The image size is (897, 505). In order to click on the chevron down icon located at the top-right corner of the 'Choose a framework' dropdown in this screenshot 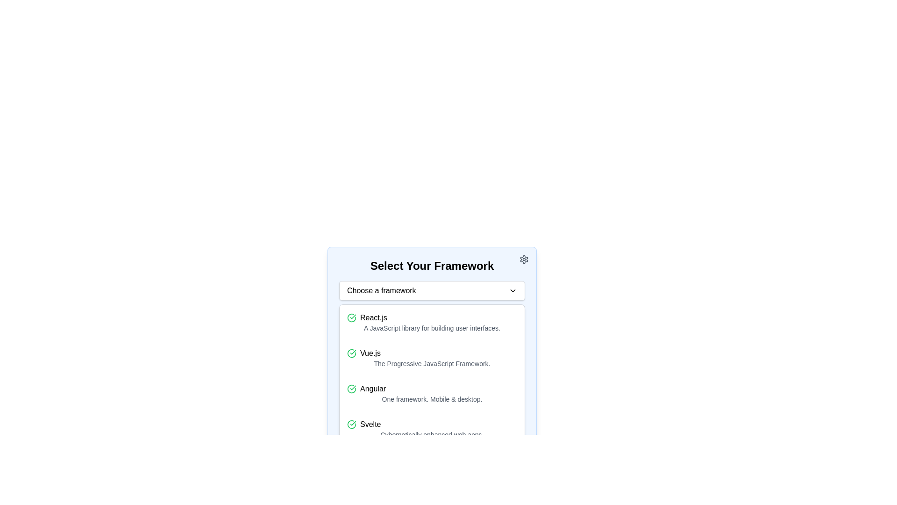, I will do `click(513, 290)`.